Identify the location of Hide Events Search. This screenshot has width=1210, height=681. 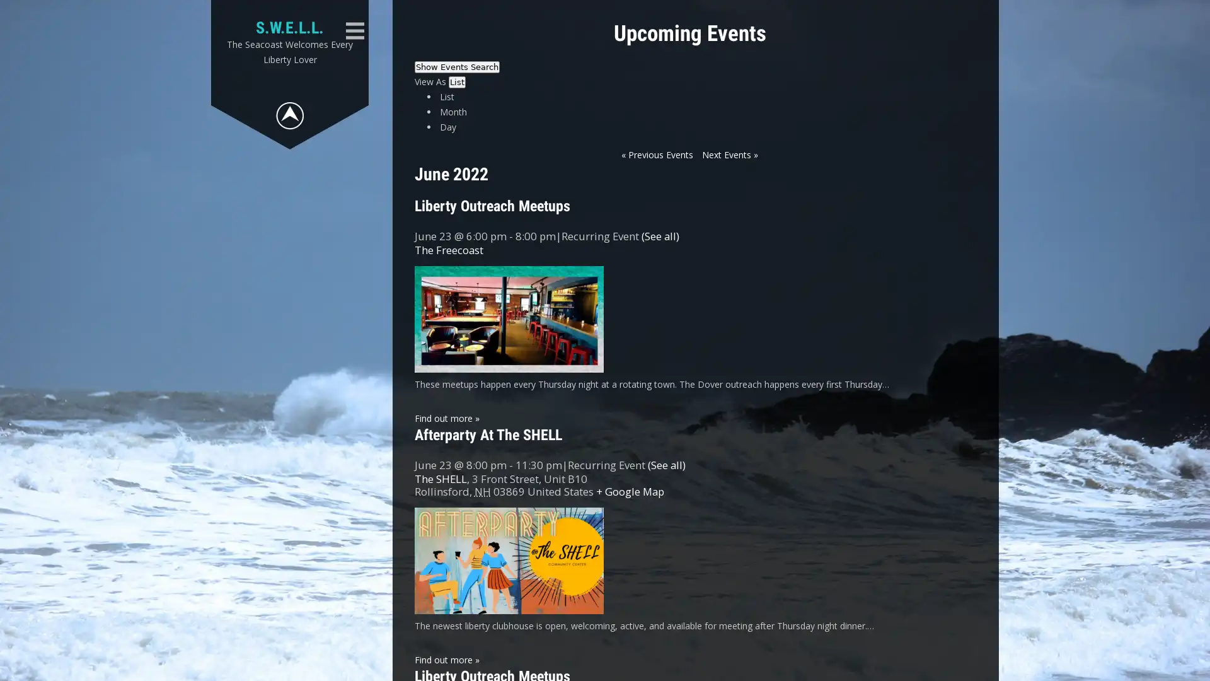
(454, 66).